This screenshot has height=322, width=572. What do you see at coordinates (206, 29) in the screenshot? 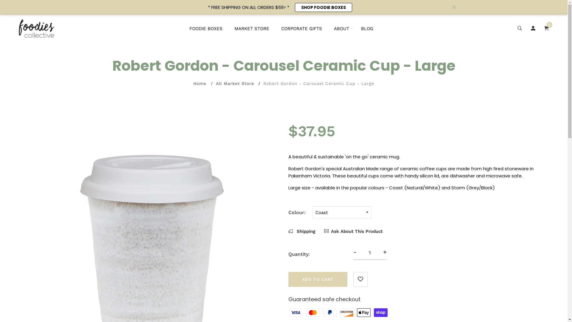
I see `'FOODIE BOXES'` at bounding box center [206, 29].